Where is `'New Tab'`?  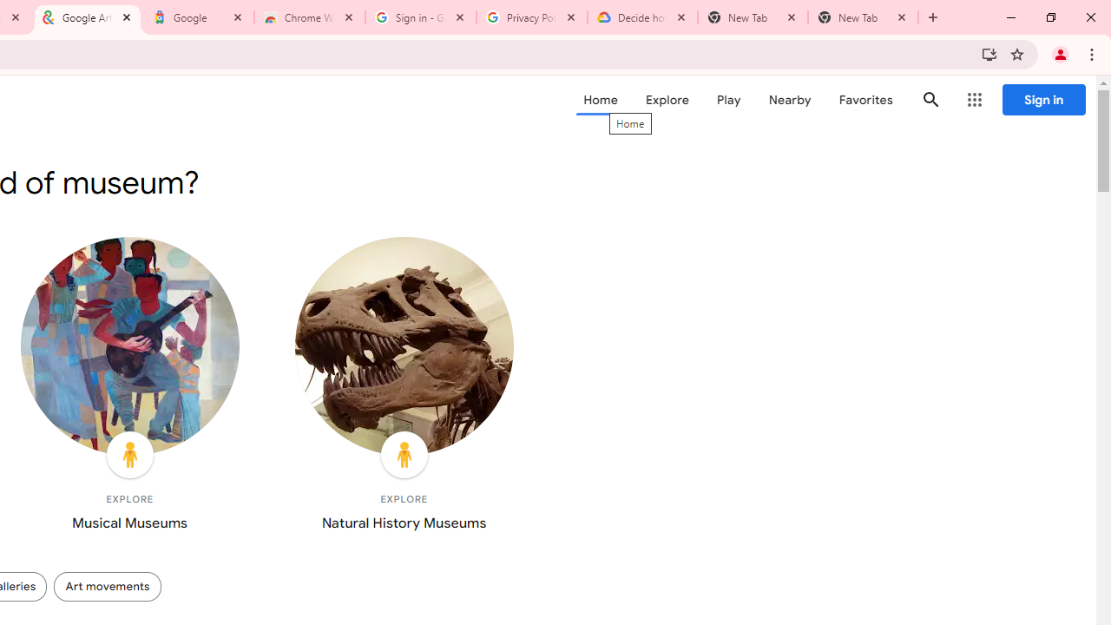 'New Tab' is located at coordinates (863, 17).